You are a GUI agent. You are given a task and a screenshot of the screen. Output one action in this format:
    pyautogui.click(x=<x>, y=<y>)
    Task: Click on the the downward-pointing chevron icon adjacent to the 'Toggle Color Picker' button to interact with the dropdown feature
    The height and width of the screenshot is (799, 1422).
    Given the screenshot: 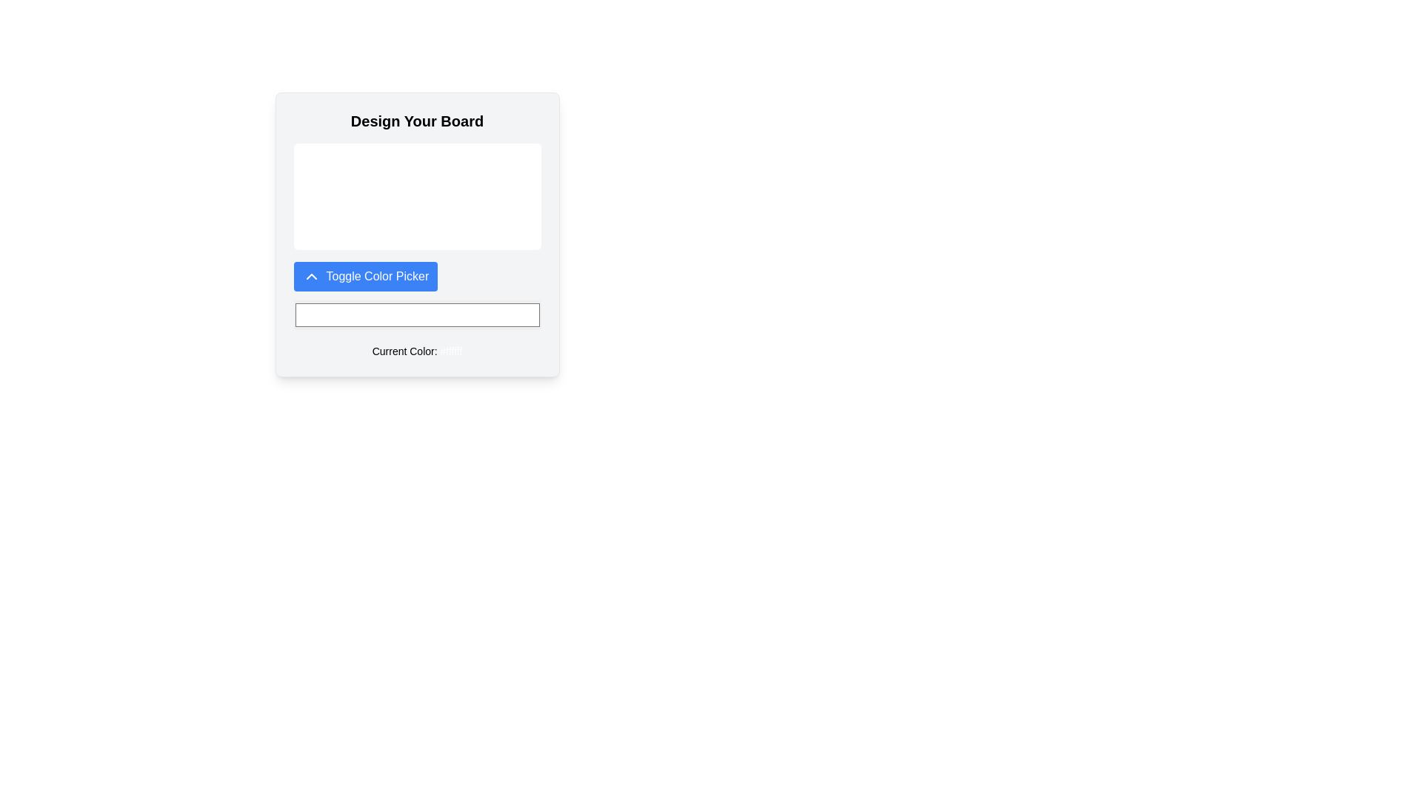 What is the action you would take?
    pyautogui.click(x=310, y=277)
    